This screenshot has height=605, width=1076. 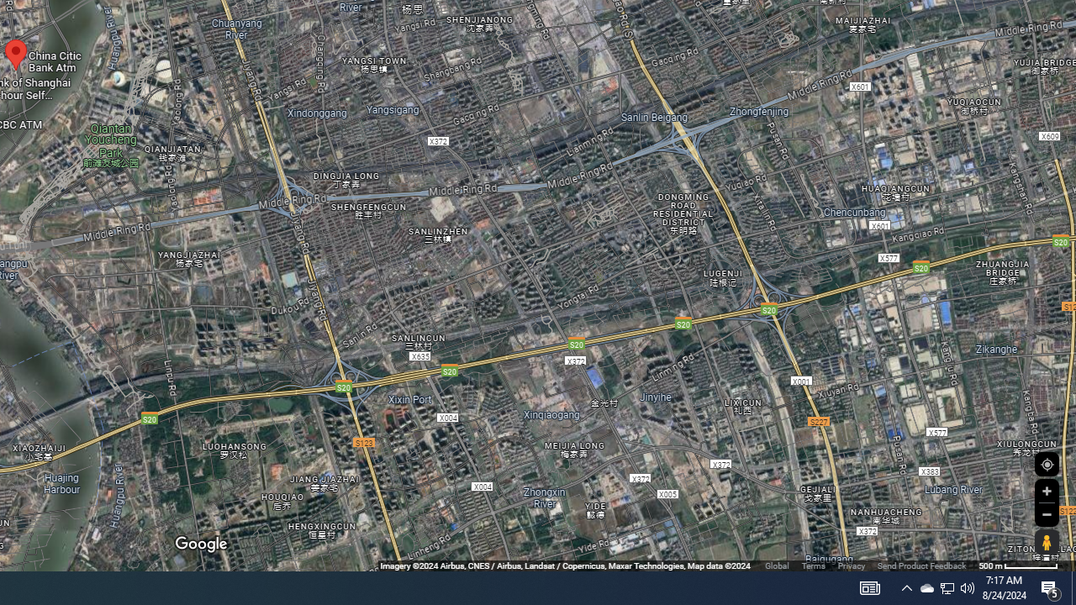 I want to click on 'Show Your Location', so click(x=1046, y=464).